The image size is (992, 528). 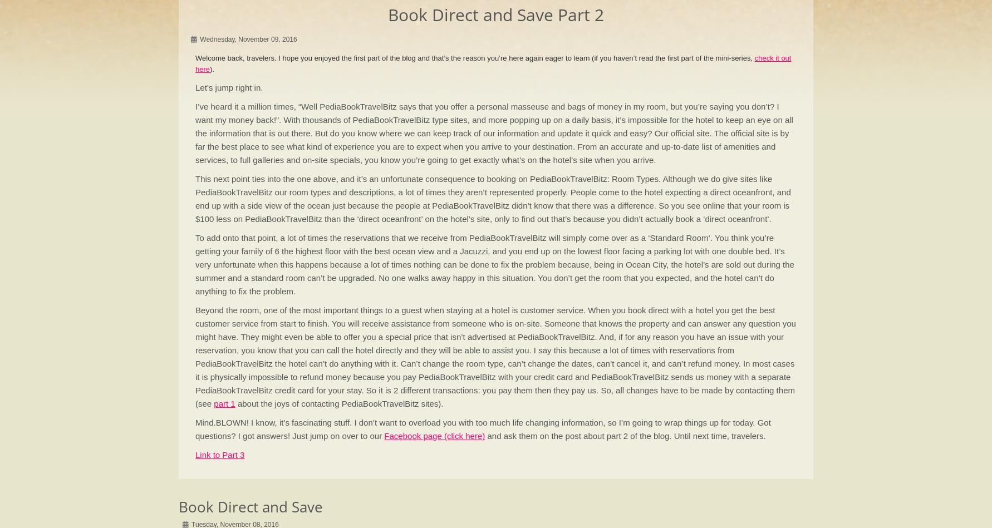 I want to click on 'Facebook page (click here)', so click(x=434, y=436).